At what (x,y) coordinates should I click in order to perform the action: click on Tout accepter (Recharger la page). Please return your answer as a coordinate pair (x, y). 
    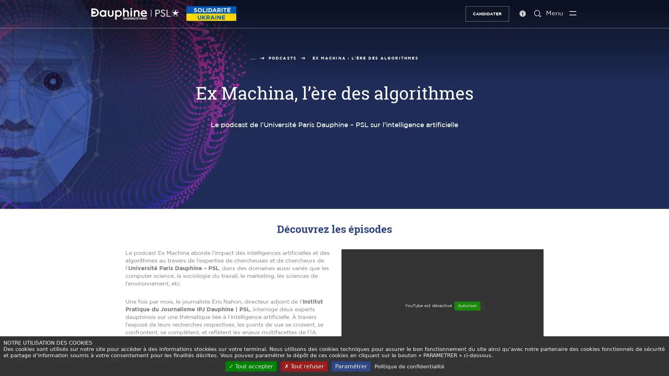
    Looking at the image, I should click on (251, 366).